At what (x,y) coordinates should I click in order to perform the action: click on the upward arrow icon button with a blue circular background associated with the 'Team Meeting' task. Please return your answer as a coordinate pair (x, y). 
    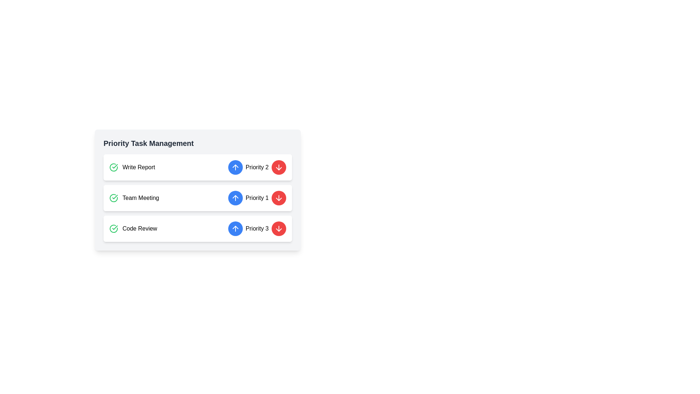
    Looking at the image, I should click on (235, 167).